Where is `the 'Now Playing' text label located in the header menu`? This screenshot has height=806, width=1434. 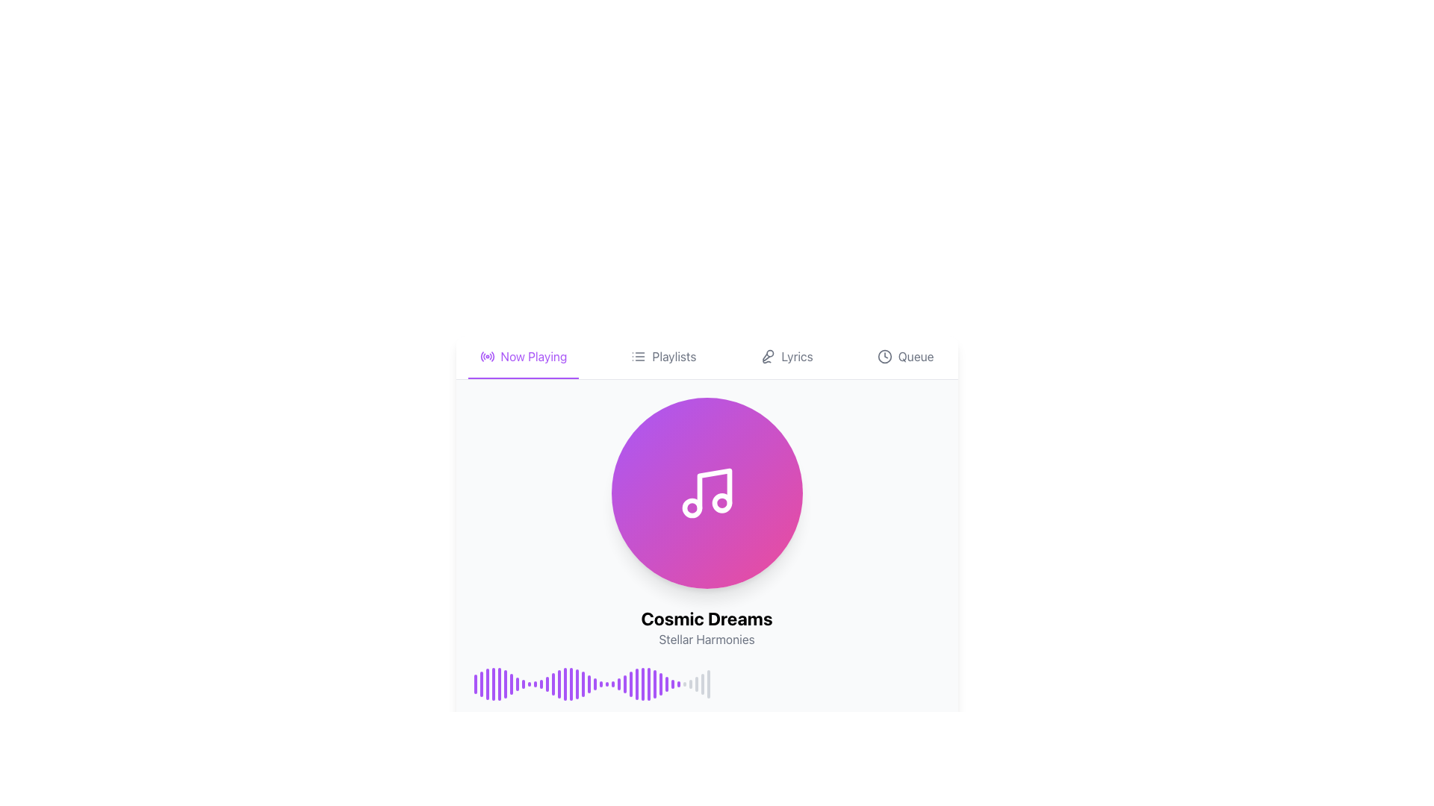 the 'Now Playing' text label located in the header menu is located at coordinates (534, 357).